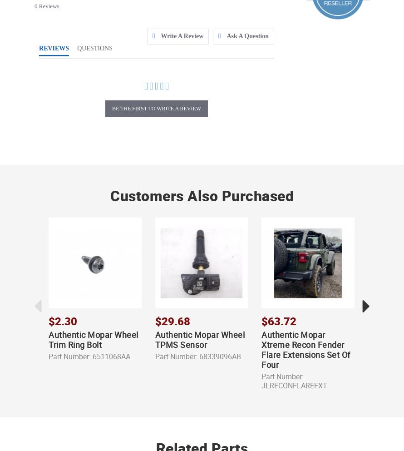 The width and height of the screenshot is (404, 451). I want to click on 'REVIEWS', so click(53, 47).